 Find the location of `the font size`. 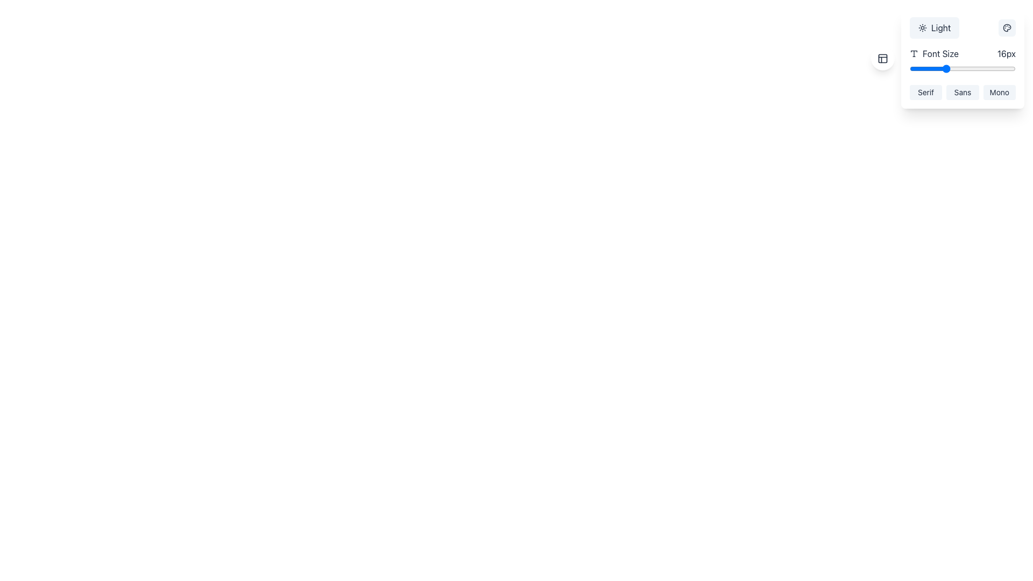

the font size is located at coordinates (944, 68).